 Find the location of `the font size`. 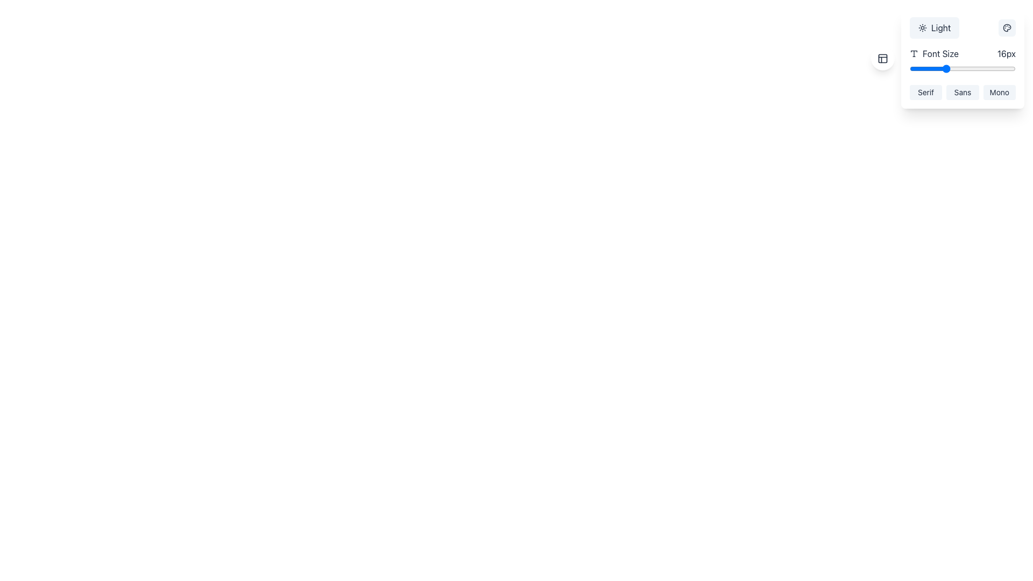

the font size is located at coordinates (944, 68).